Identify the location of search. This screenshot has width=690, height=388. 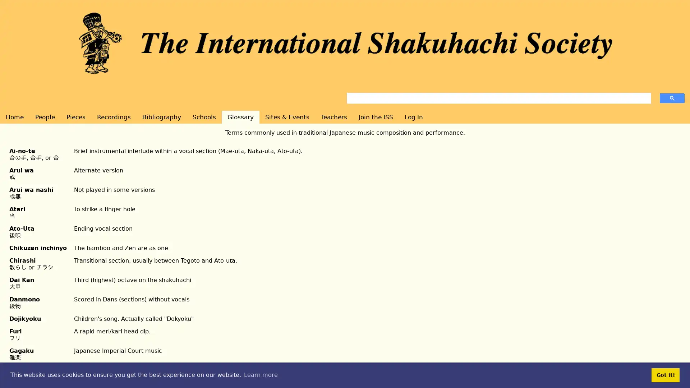
(672, 98).